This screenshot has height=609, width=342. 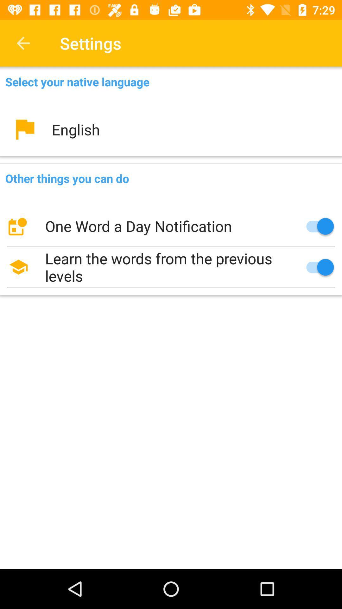 I want to click on the learn the words, so click(x=171, y=267).